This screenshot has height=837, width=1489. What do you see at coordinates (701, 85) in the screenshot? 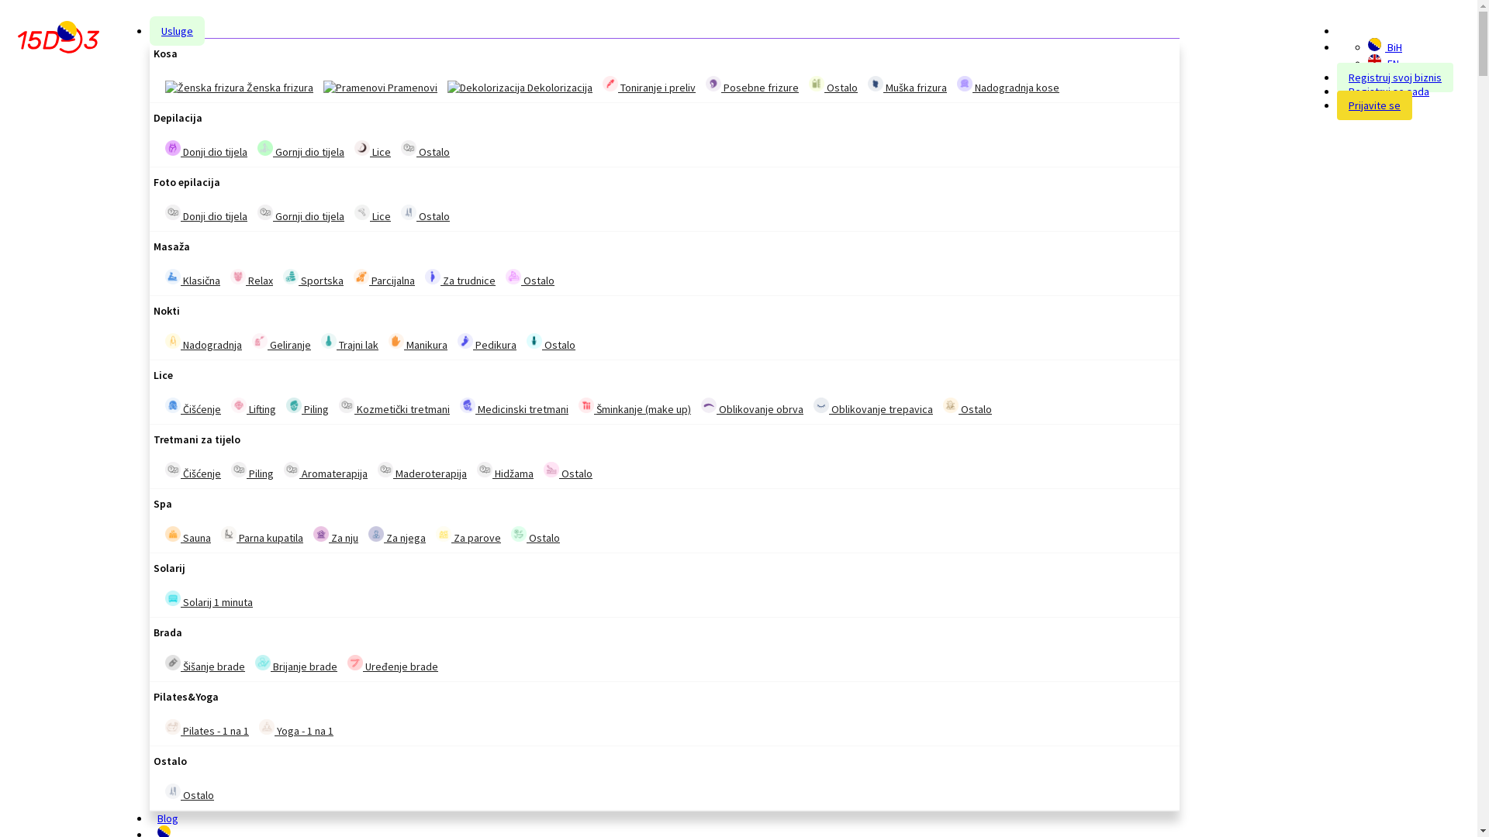
I see `'Posebne frizure'` at bounding box center [701, 85].